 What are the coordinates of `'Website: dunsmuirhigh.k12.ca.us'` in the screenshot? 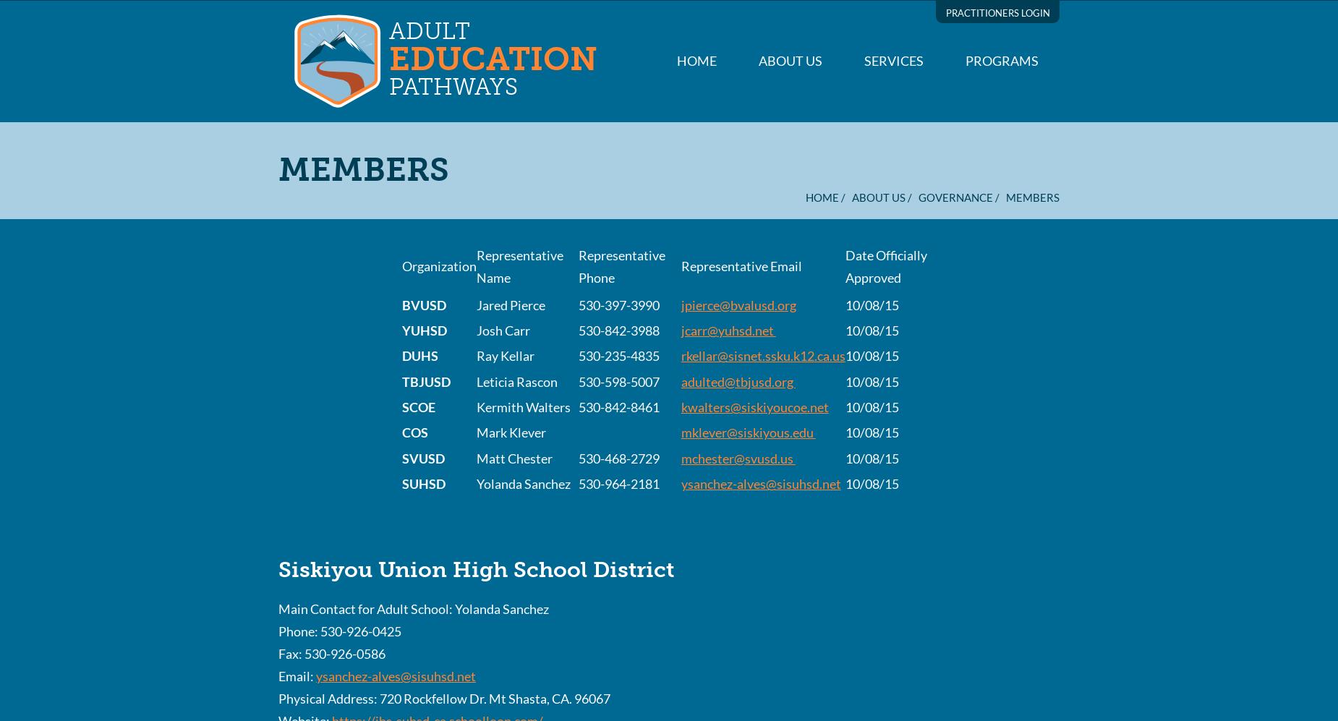 It's located at (277, 273).